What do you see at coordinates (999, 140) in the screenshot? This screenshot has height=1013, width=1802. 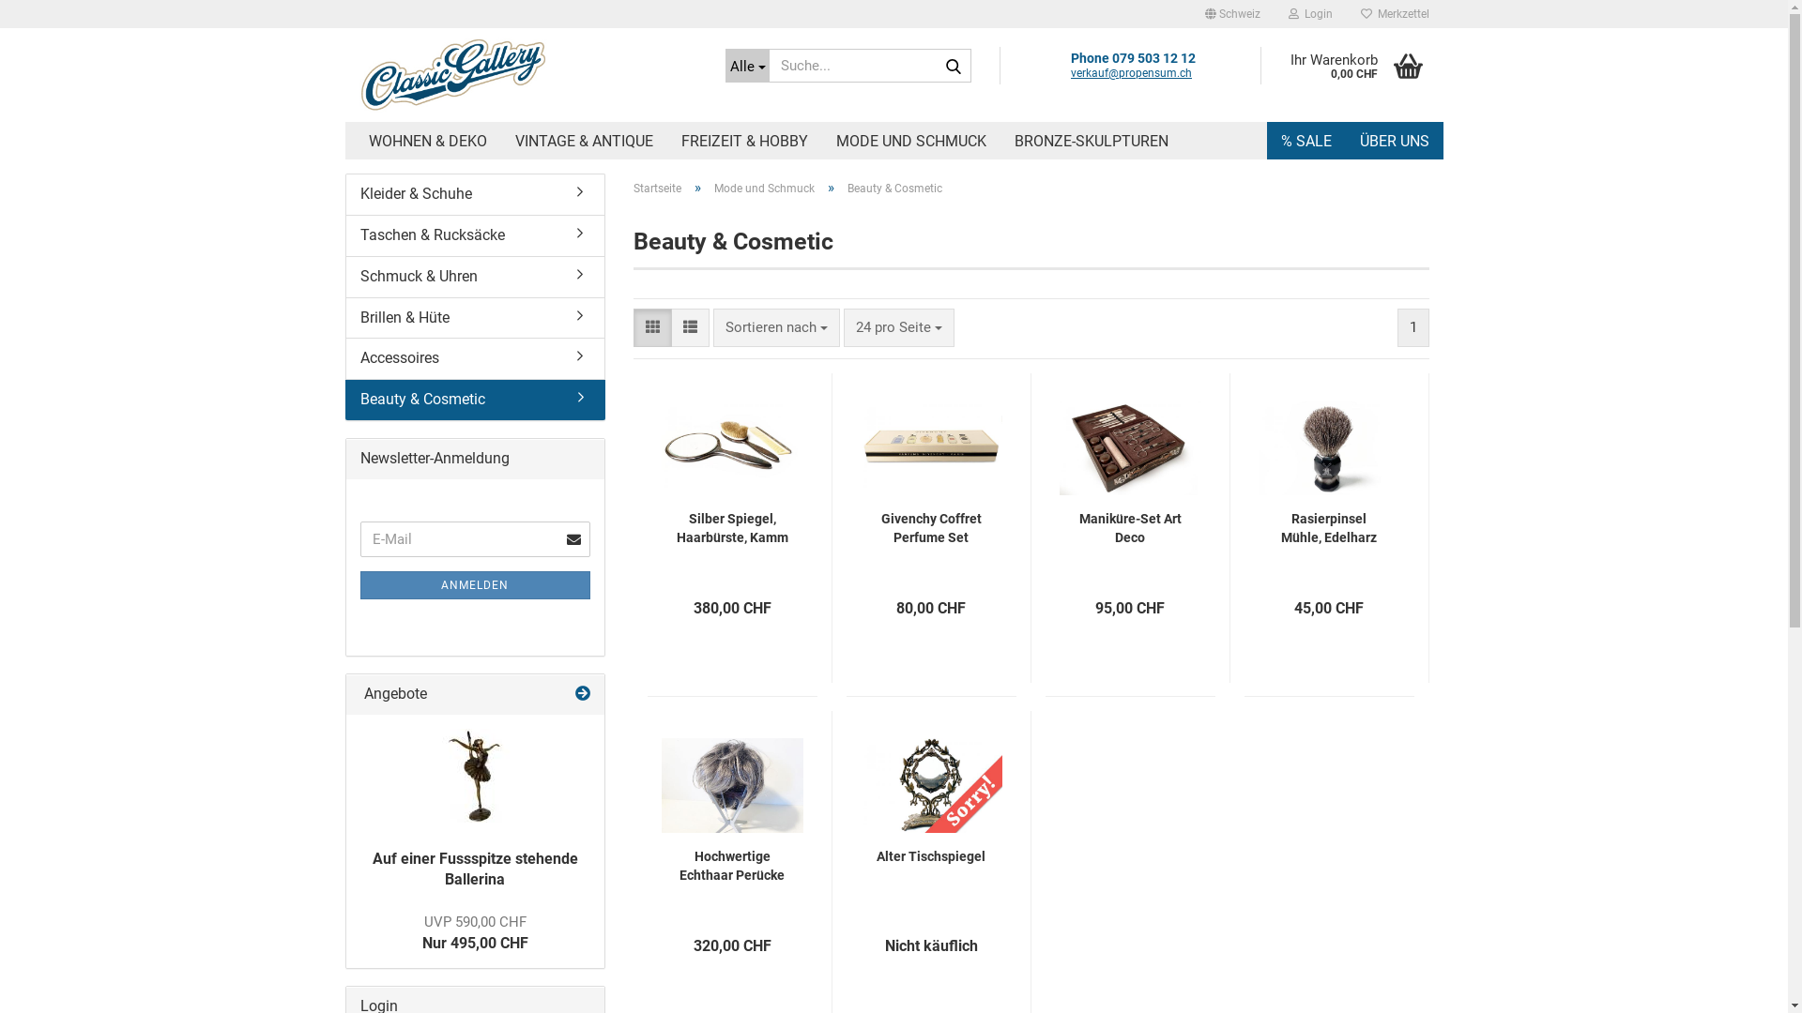 I see `'BRONZE-SKULPTUREN'` at bounding box center [999, 140].